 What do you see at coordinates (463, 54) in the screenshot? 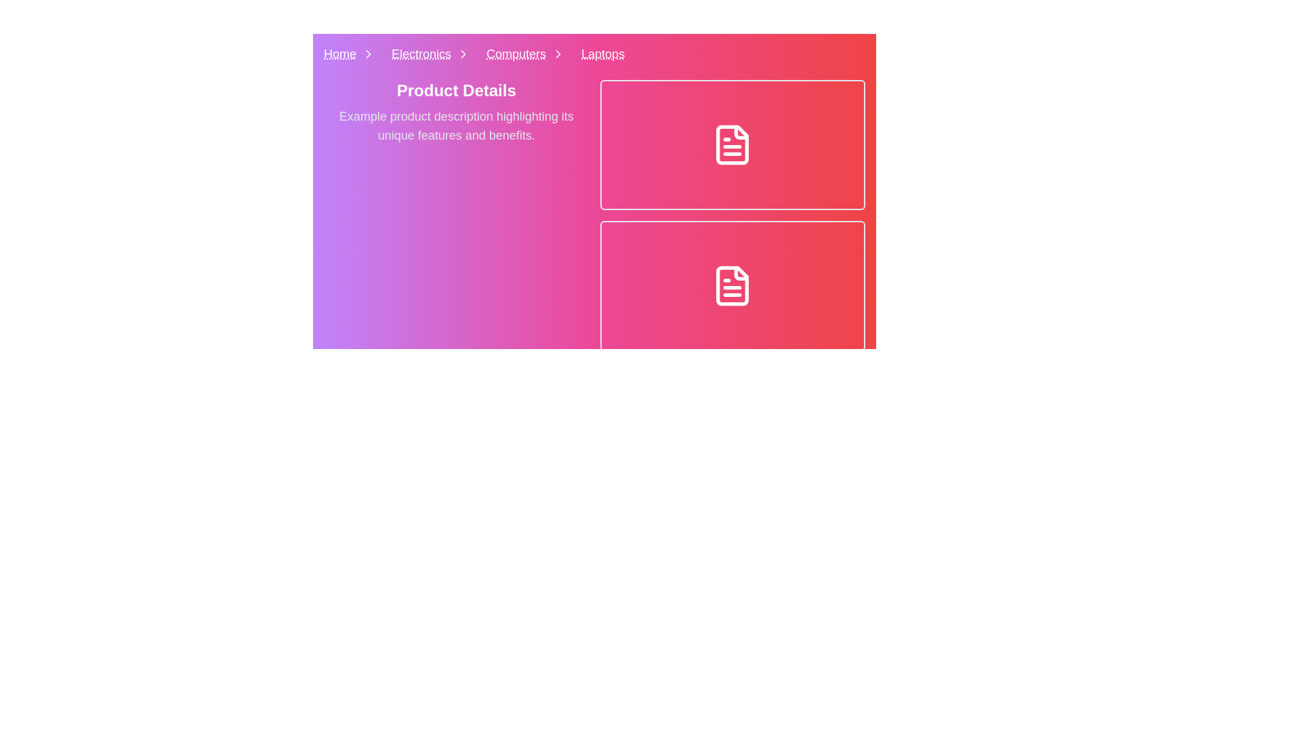
I see `the chevron icon located to the immediate right of the 'Electronics' hyperlink in the breadcrumb navigation bar to indicate further navigation options` at bounding box center [463, 54].